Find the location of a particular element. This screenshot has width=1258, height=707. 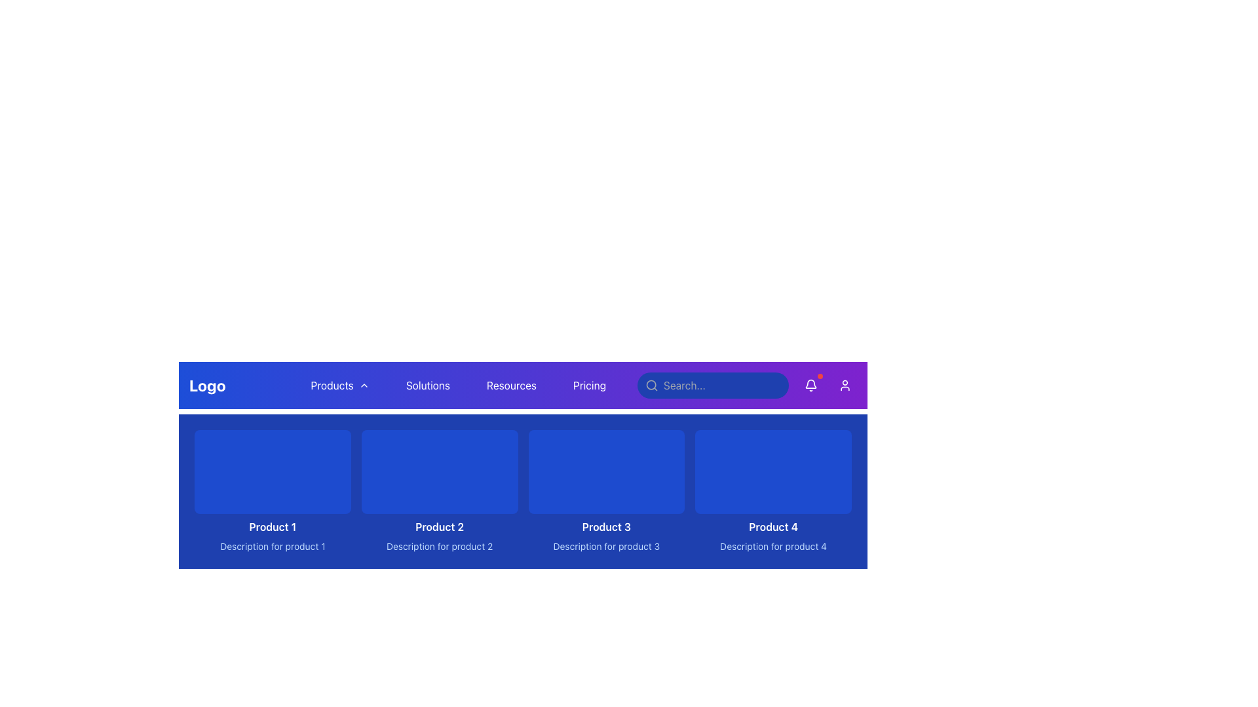

the text label that displays 'Product 1', which is styled in bold white font against a blue background, located near the bottom center of the first product card is located at coordinates (272, 526).